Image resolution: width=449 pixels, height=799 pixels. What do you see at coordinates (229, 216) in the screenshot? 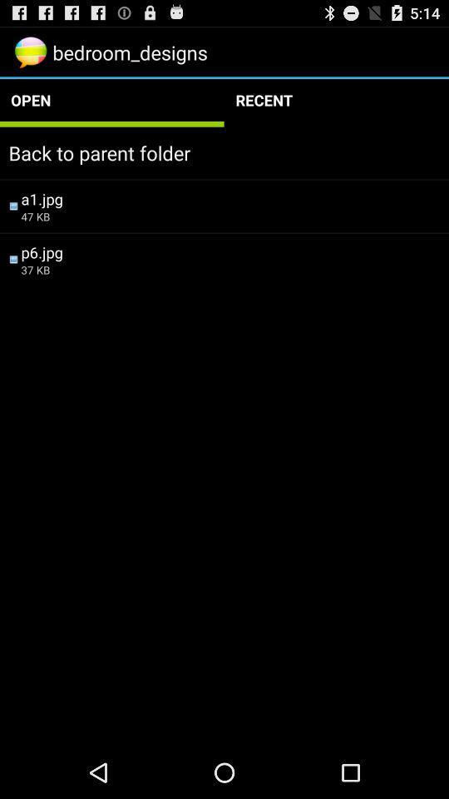
I see `the item below a1.jpg icon` at bounding box center [229, 216].